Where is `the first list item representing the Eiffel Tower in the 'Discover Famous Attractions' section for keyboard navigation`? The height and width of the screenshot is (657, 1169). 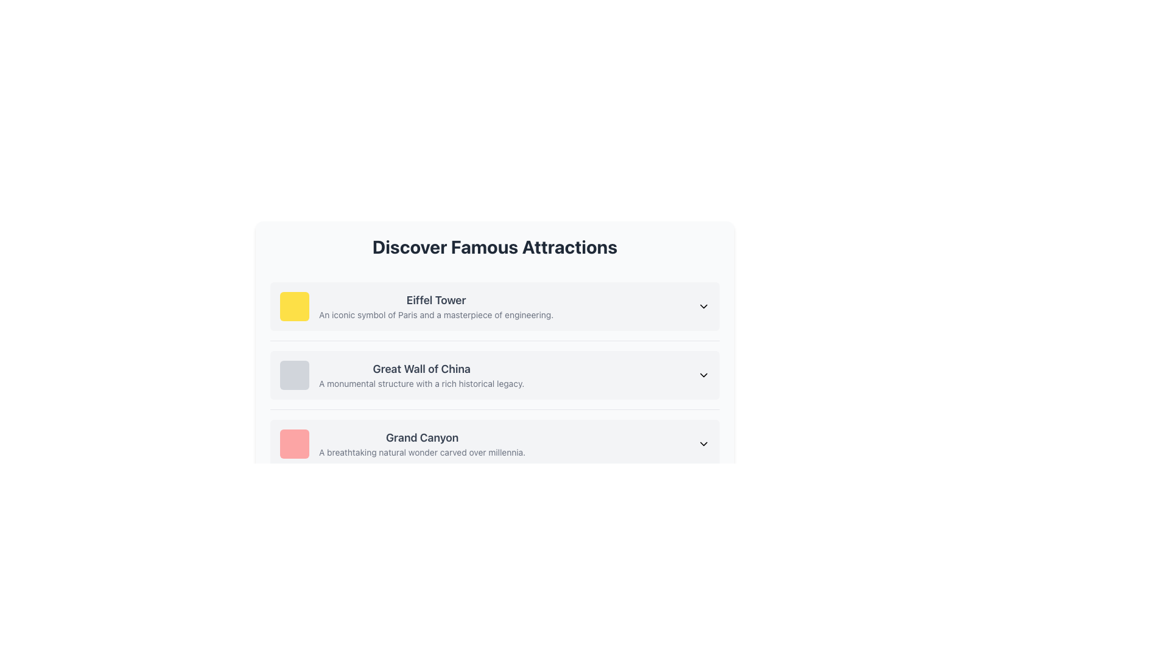
the first list item representing the Eiffel Tower in the 'Discover Famous Attractions' section for keyboard navigation is located at coordinates (494, 306).